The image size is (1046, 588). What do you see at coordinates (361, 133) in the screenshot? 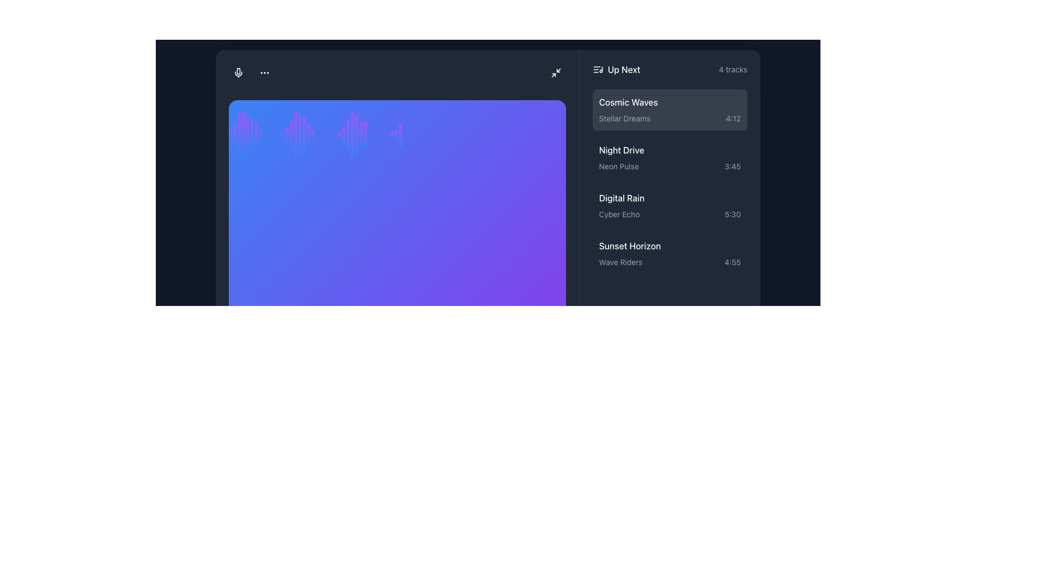
I see `the 29th vertical gradient bar, which transitions from blue to purple, located within a series of similar bars in the upper-left area of the interface` at bounding box center [361, 133].